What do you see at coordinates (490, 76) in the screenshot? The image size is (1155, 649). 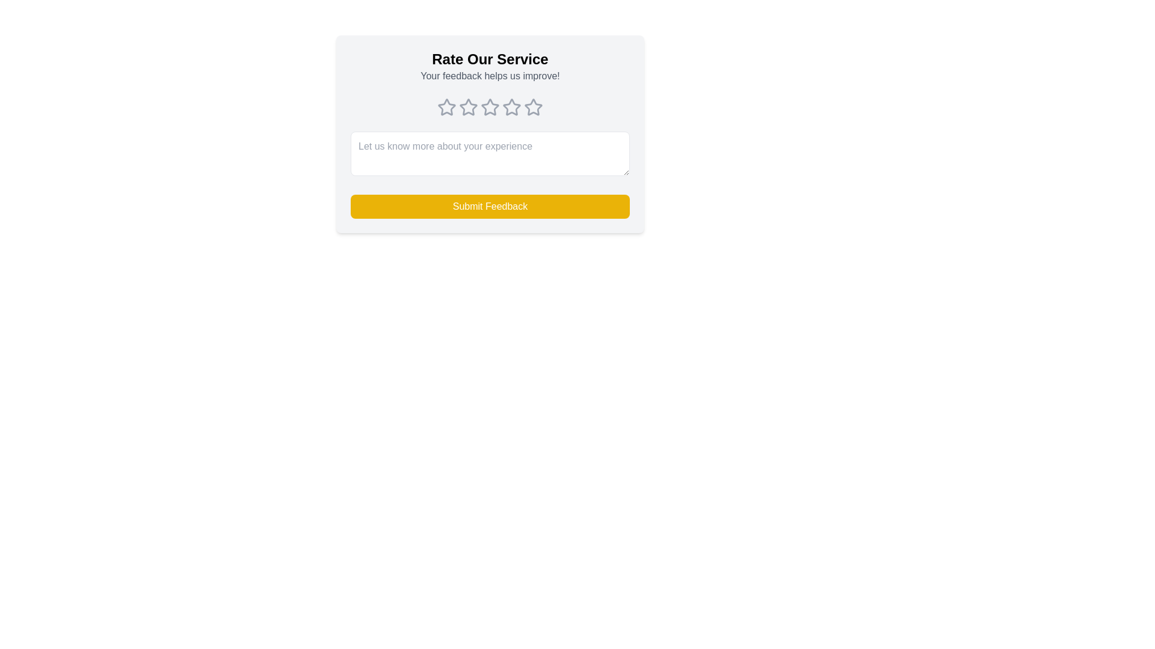 I see `the Static Text element that provides informational guidance for the feedback section, located below the 'Rate Our Service' heading` at bounding box center [490, 76].